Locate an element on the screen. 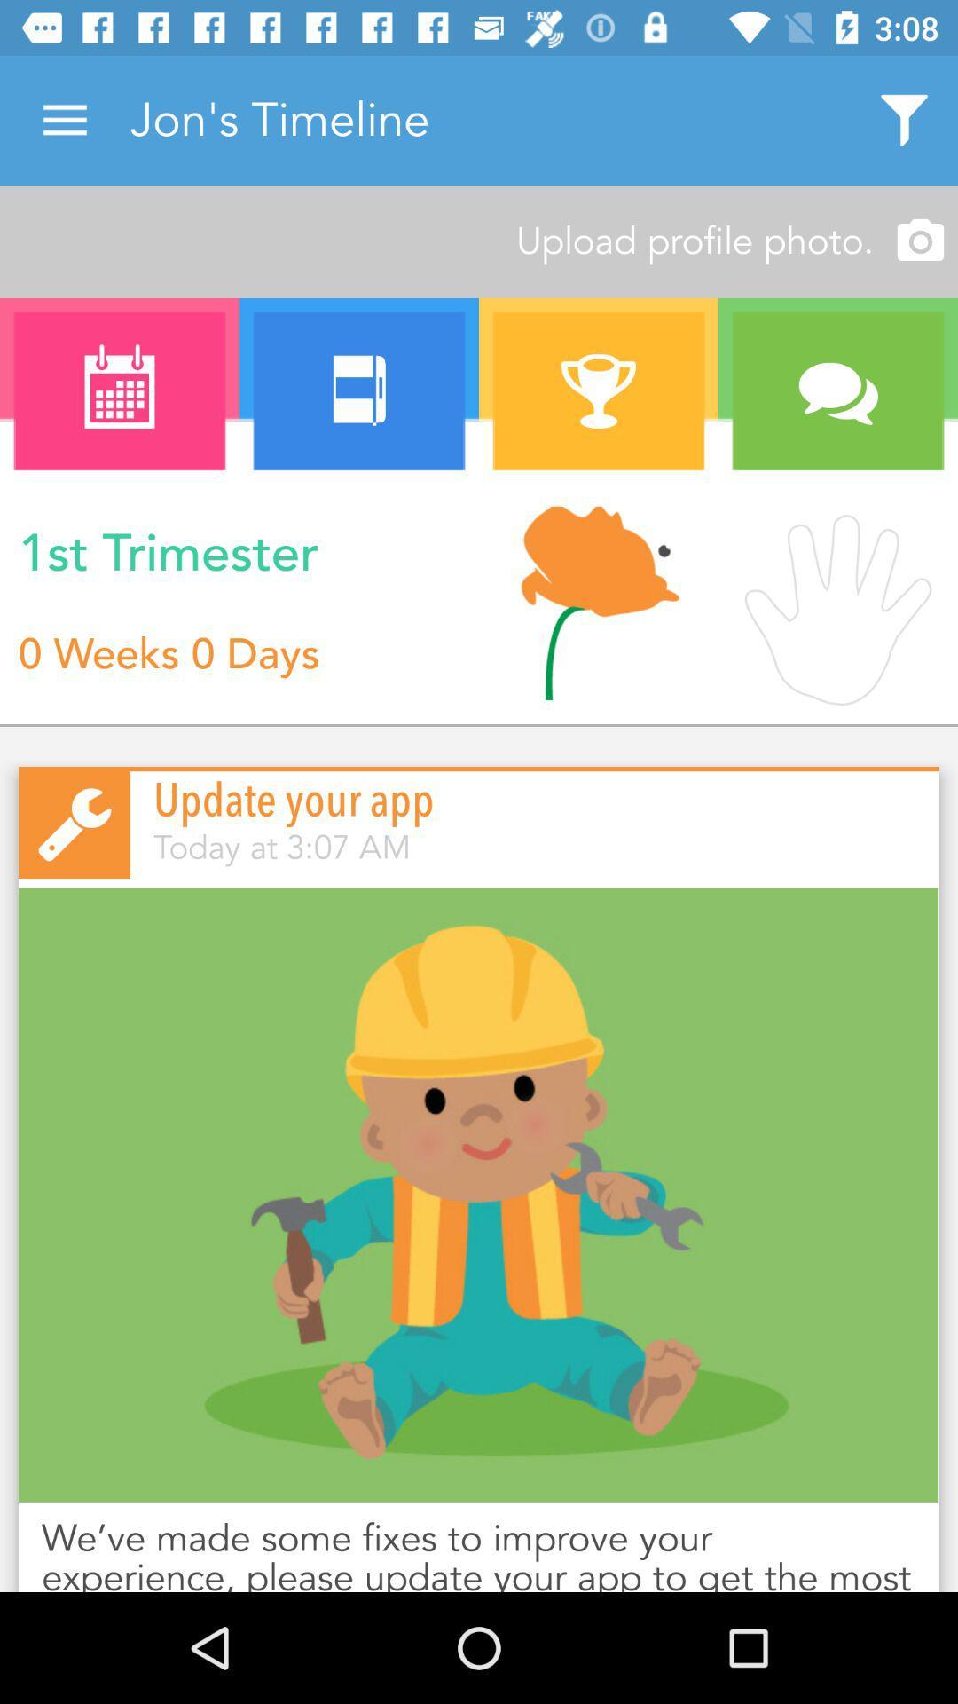 Image resolution: width=958 pixels, height=1704 pixels. the icon next to n icon is located at coordinates (599, 604).